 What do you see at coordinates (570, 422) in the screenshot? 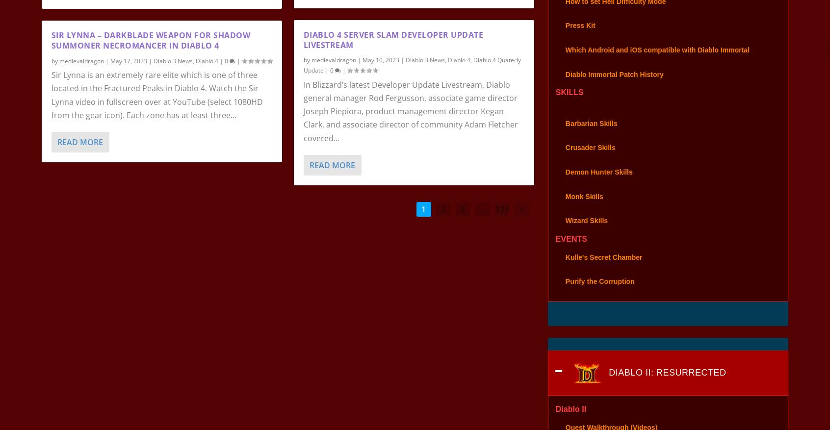
I see `'Diablo II'` at bounding box center [570, 422].